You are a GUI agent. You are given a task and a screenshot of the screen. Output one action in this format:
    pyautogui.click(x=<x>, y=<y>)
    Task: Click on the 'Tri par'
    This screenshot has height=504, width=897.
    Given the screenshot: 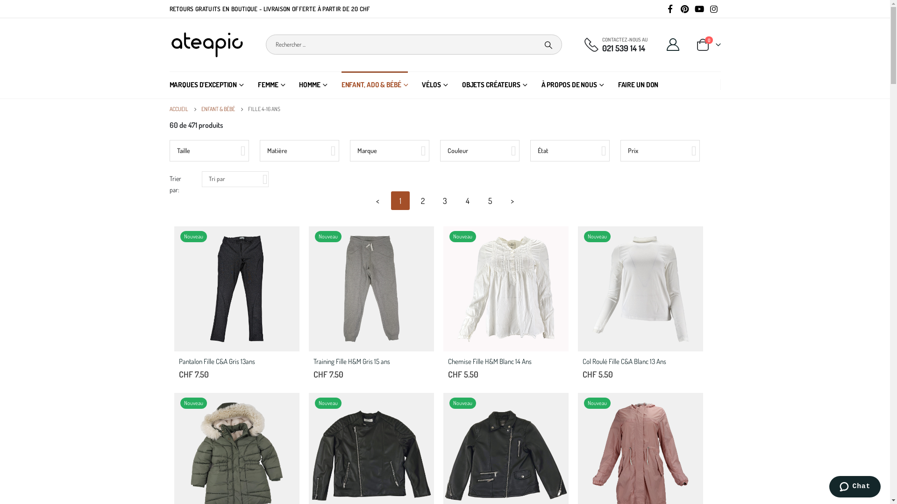 What is the action you would take?
    pyautogui.click(x=235, y=179)
    